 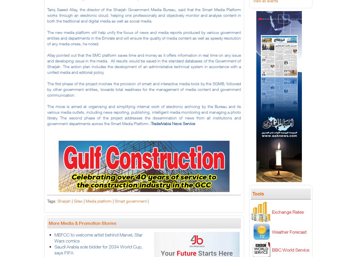 What do you see at coordinates (52, 201) in the screenshot?
I see `'Tags:'` at bounding box center [52, 201].